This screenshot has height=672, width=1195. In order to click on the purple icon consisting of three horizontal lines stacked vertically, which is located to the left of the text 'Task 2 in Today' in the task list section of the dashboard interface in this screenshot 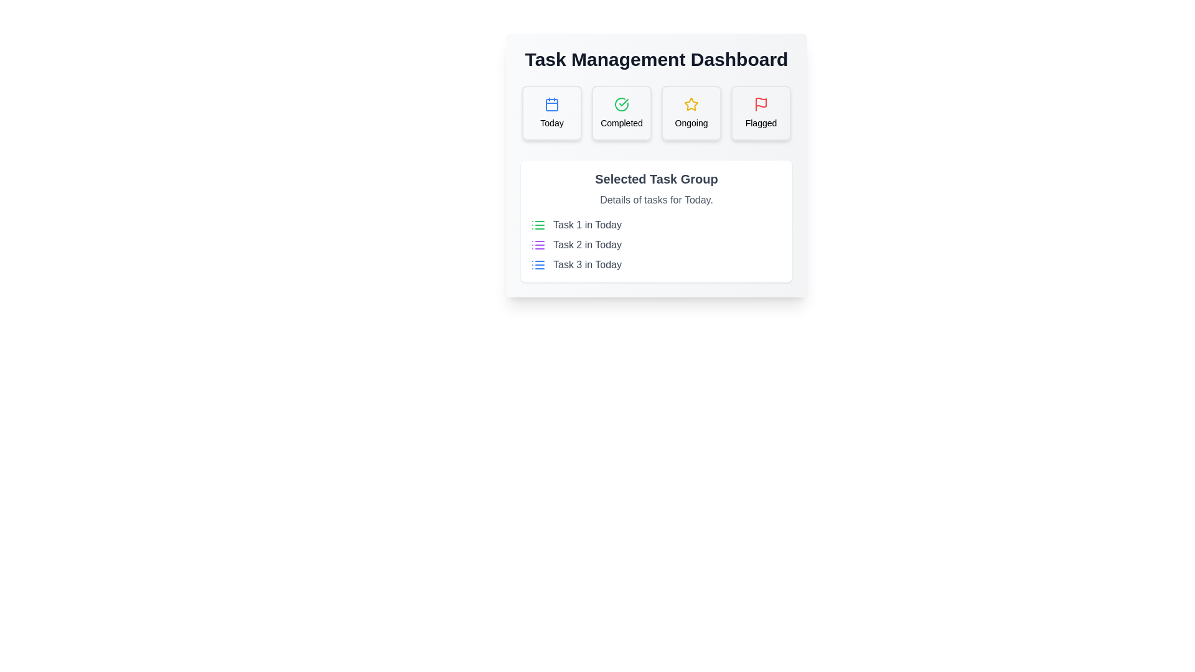, I will do `click(538, 245)`.